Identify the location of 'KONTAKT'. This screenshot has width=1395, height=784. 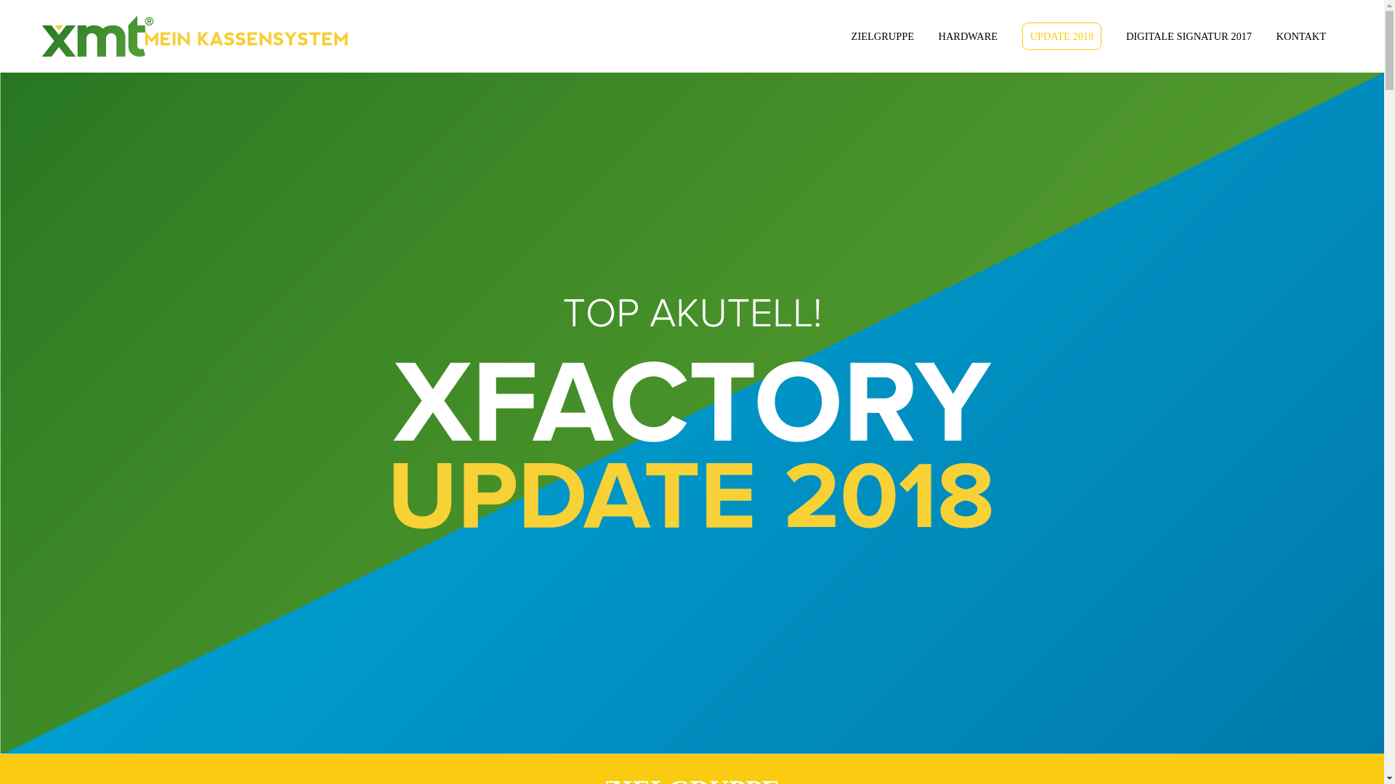
(1301, 36).